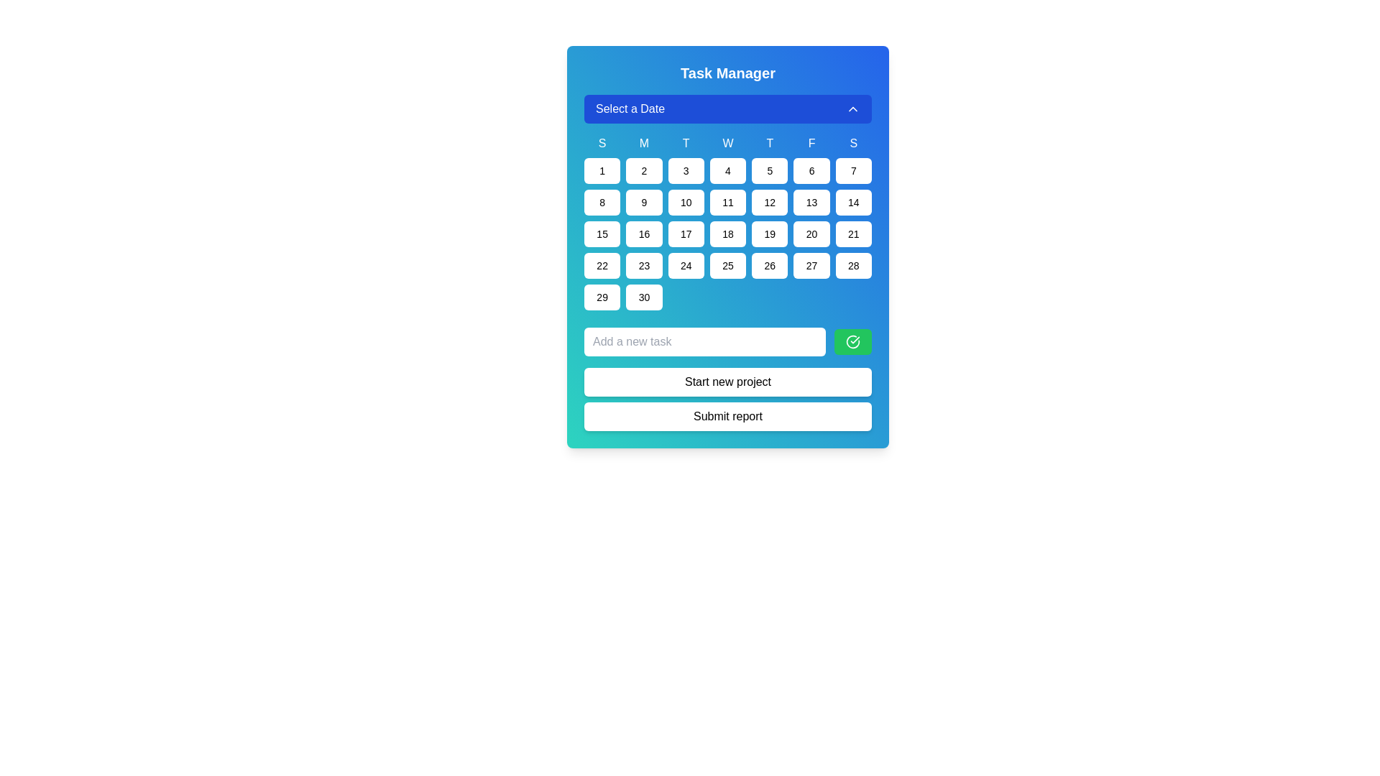 This screenshot has width=1380, height=776. What do you see at coordinates (853, 170) in the screenshot?
I see `the button representing the calendar day cell for the number '7'` at bounding box center [853, 170].